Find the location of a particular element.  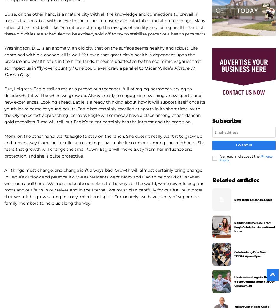

'Understanding the Role of a Fire Commissioner in Our Community' is located at coordinates (234, 281).